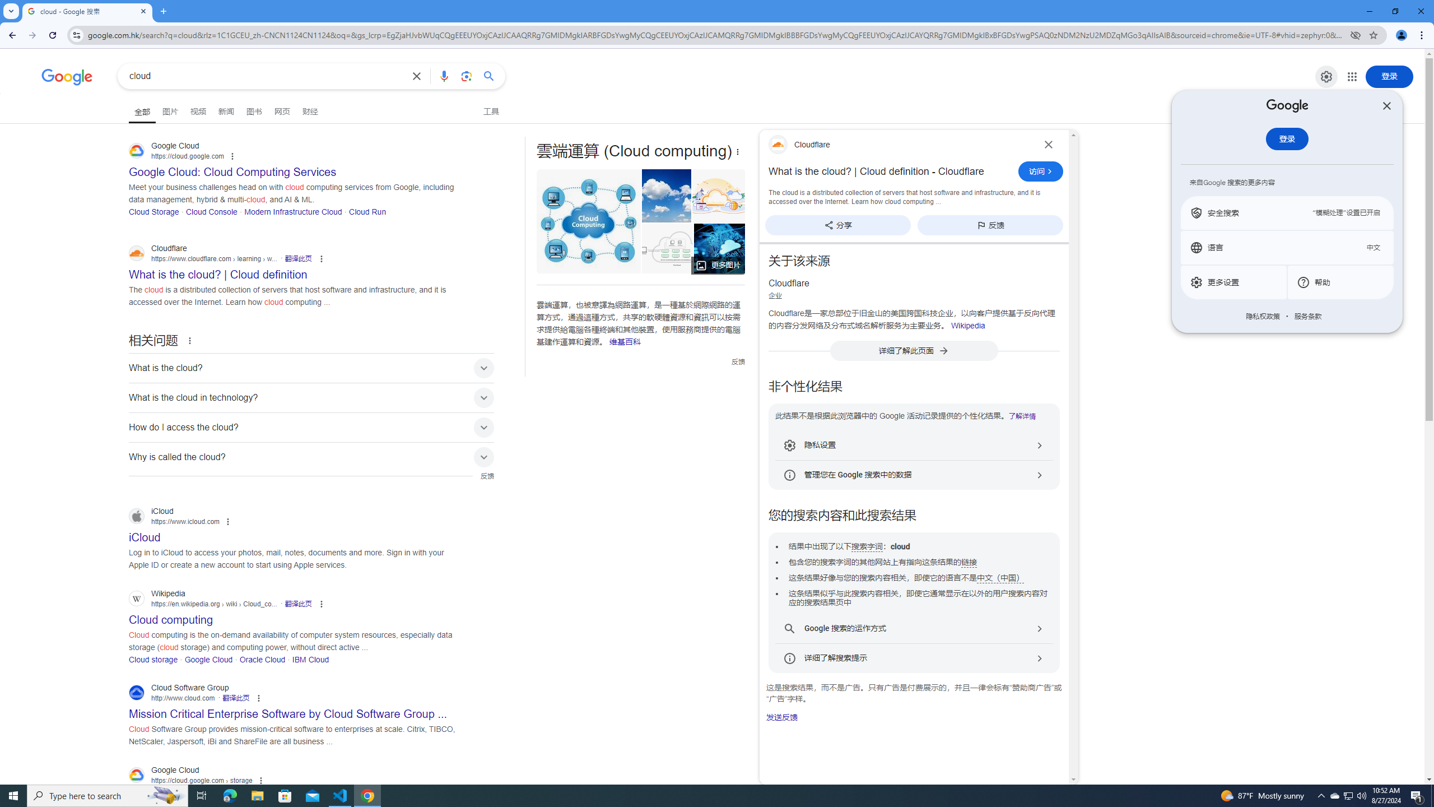 The image size is (1434, 807). Describe the element at coordinates (730, 248) in the screenshot. I see `'What is cloud computing? Everything you need to know now ...'` at that location.